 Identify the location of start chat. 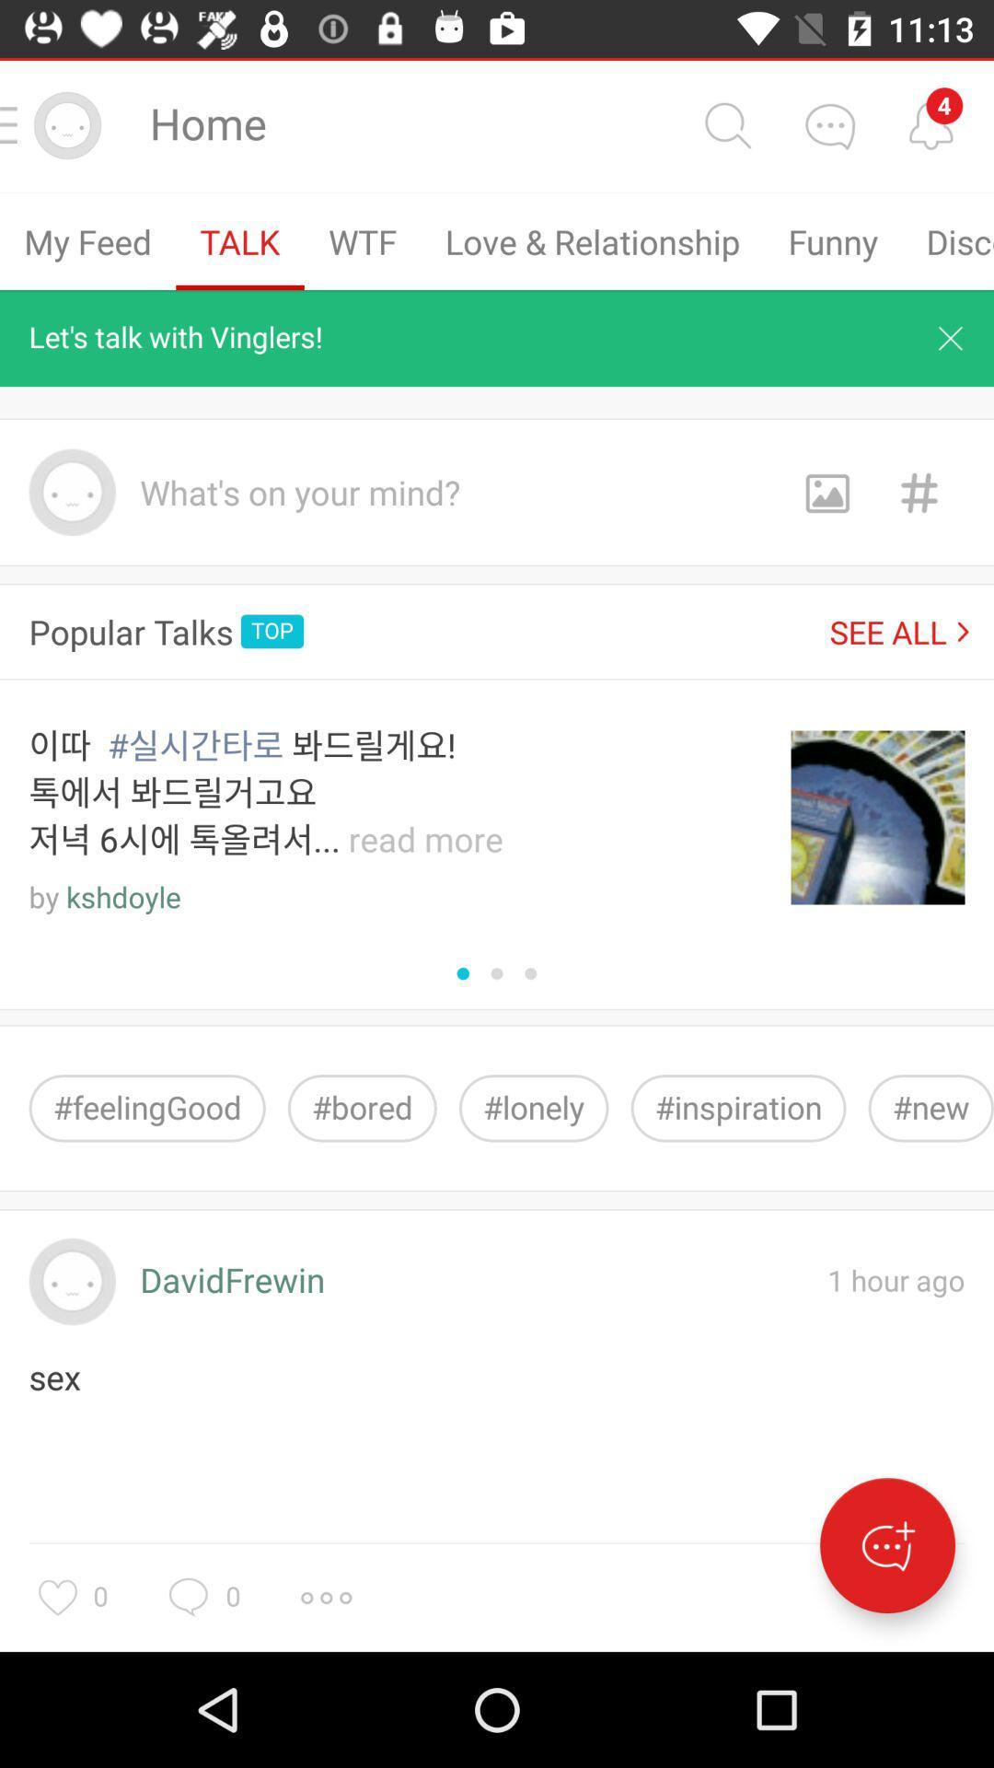
(886, 1545).